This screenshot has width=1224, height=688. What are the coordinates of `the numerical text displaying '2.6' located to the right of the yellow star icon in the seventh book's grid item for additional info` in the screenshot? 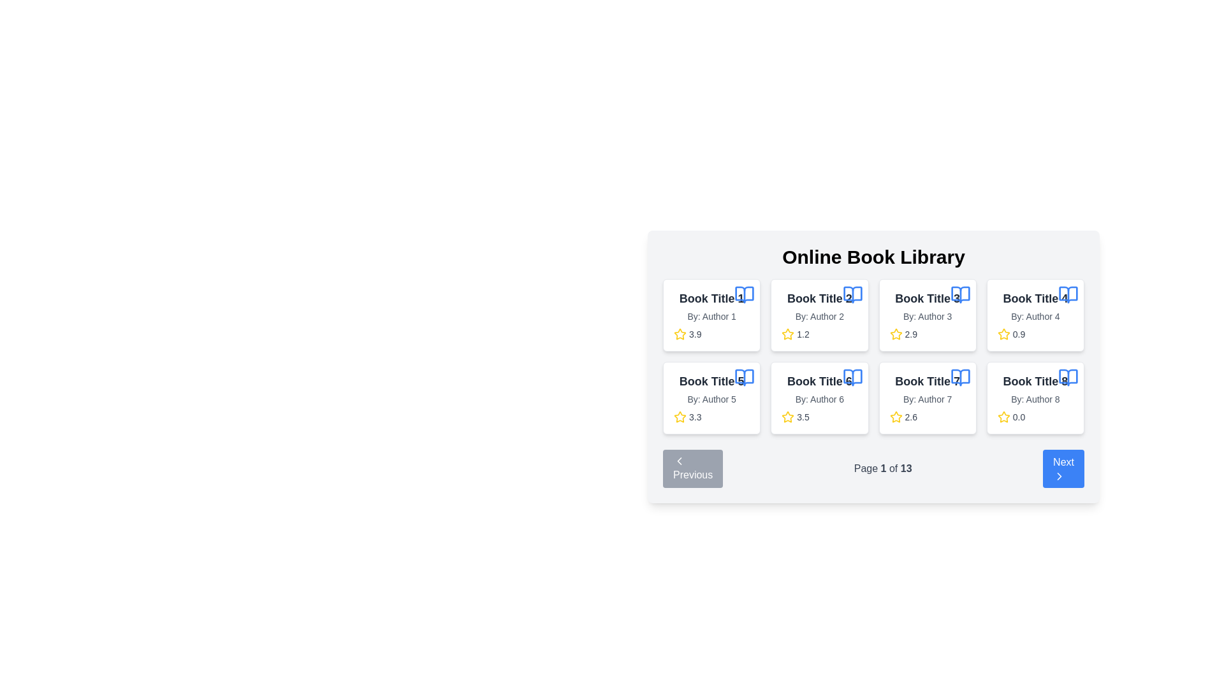 It's located at (910, 417).